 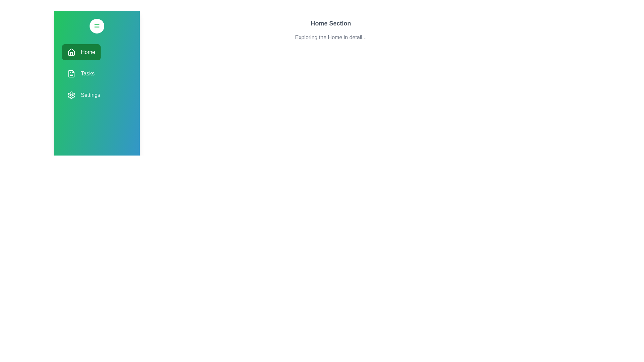 I want to click on the circular menu icon button located at the top of the vertical sidebar, so click(x=96, y=25).